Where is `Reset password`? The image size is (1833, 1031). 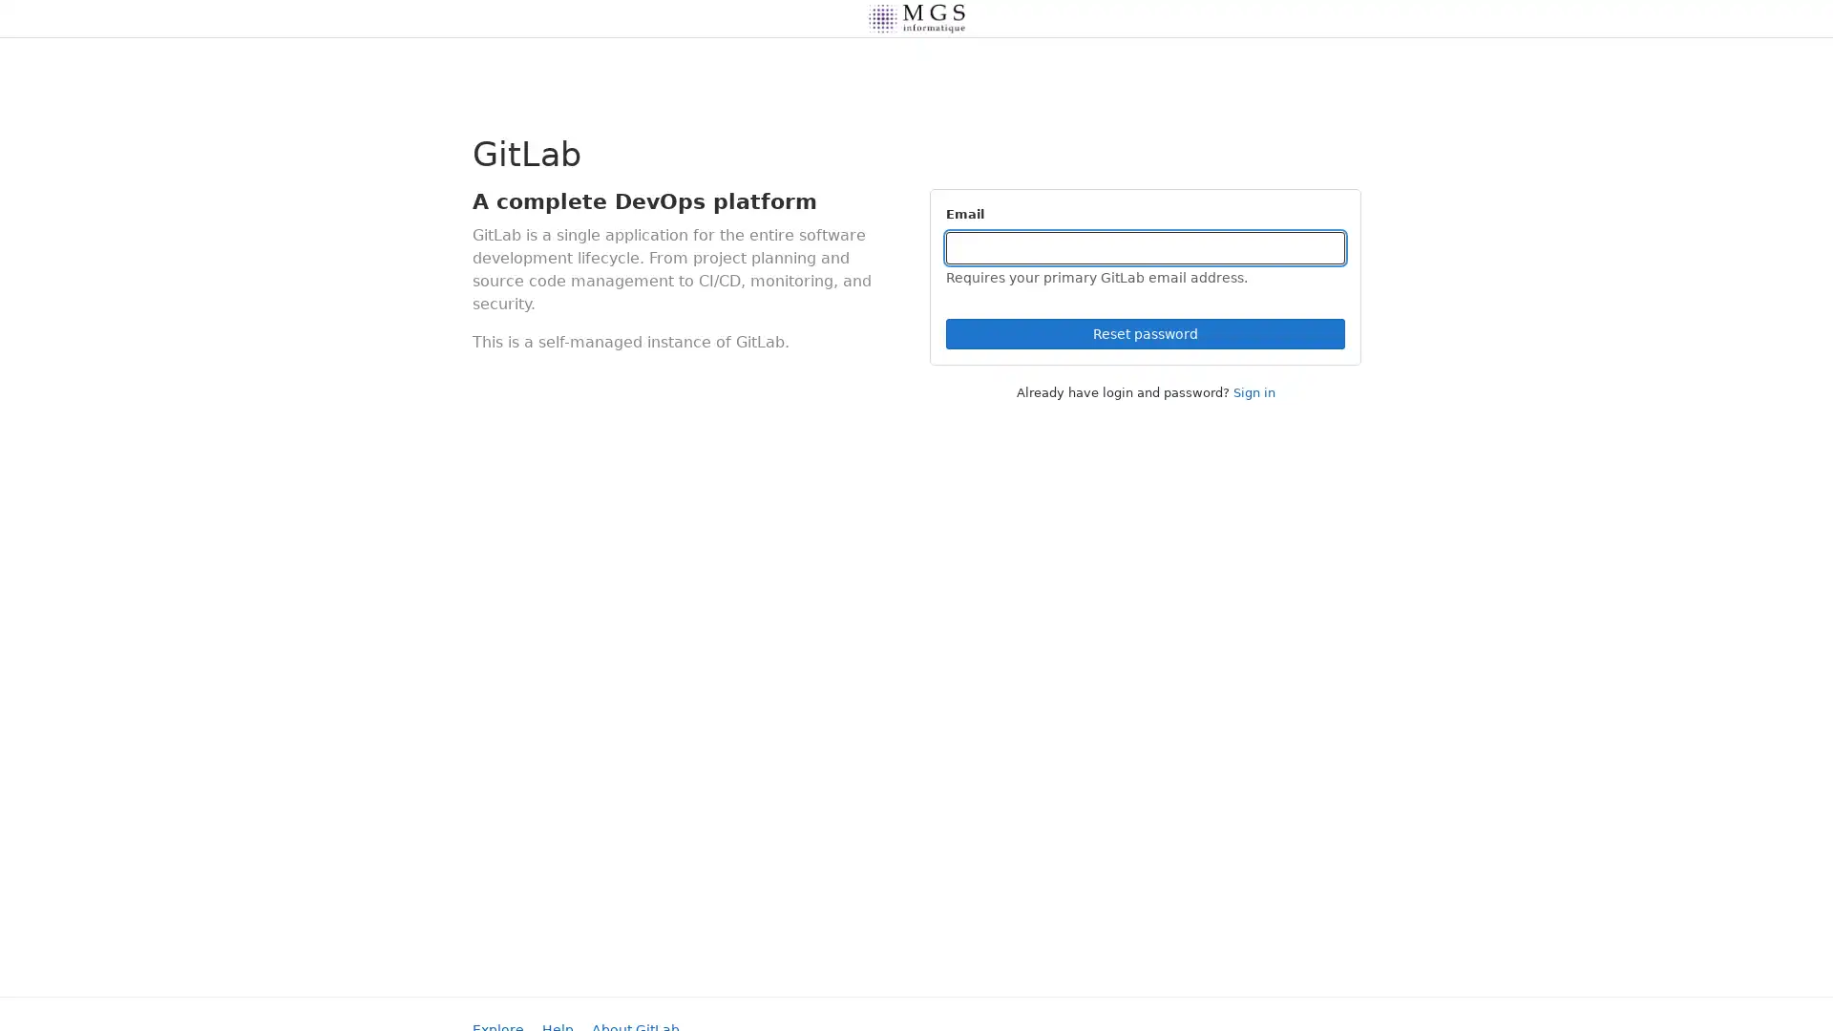
Reset password is located at coordinates (1146, 331).